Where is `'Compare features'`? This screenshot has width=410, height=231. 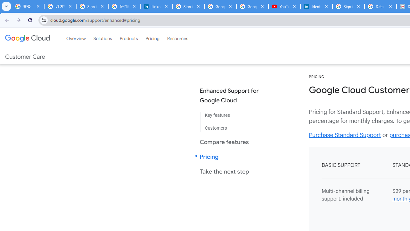 'Compare features' is located at coordinates (234, 141).